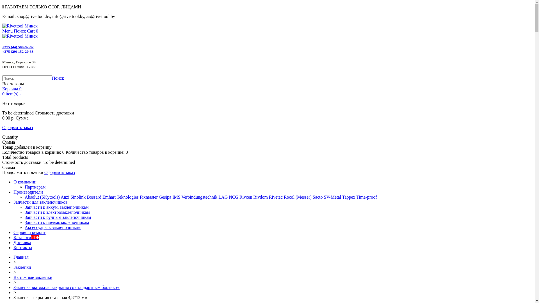 The height and width of the screenshot is (303, 539). I want to click on '+375 (44) 500-92-92', so click(2, 47).